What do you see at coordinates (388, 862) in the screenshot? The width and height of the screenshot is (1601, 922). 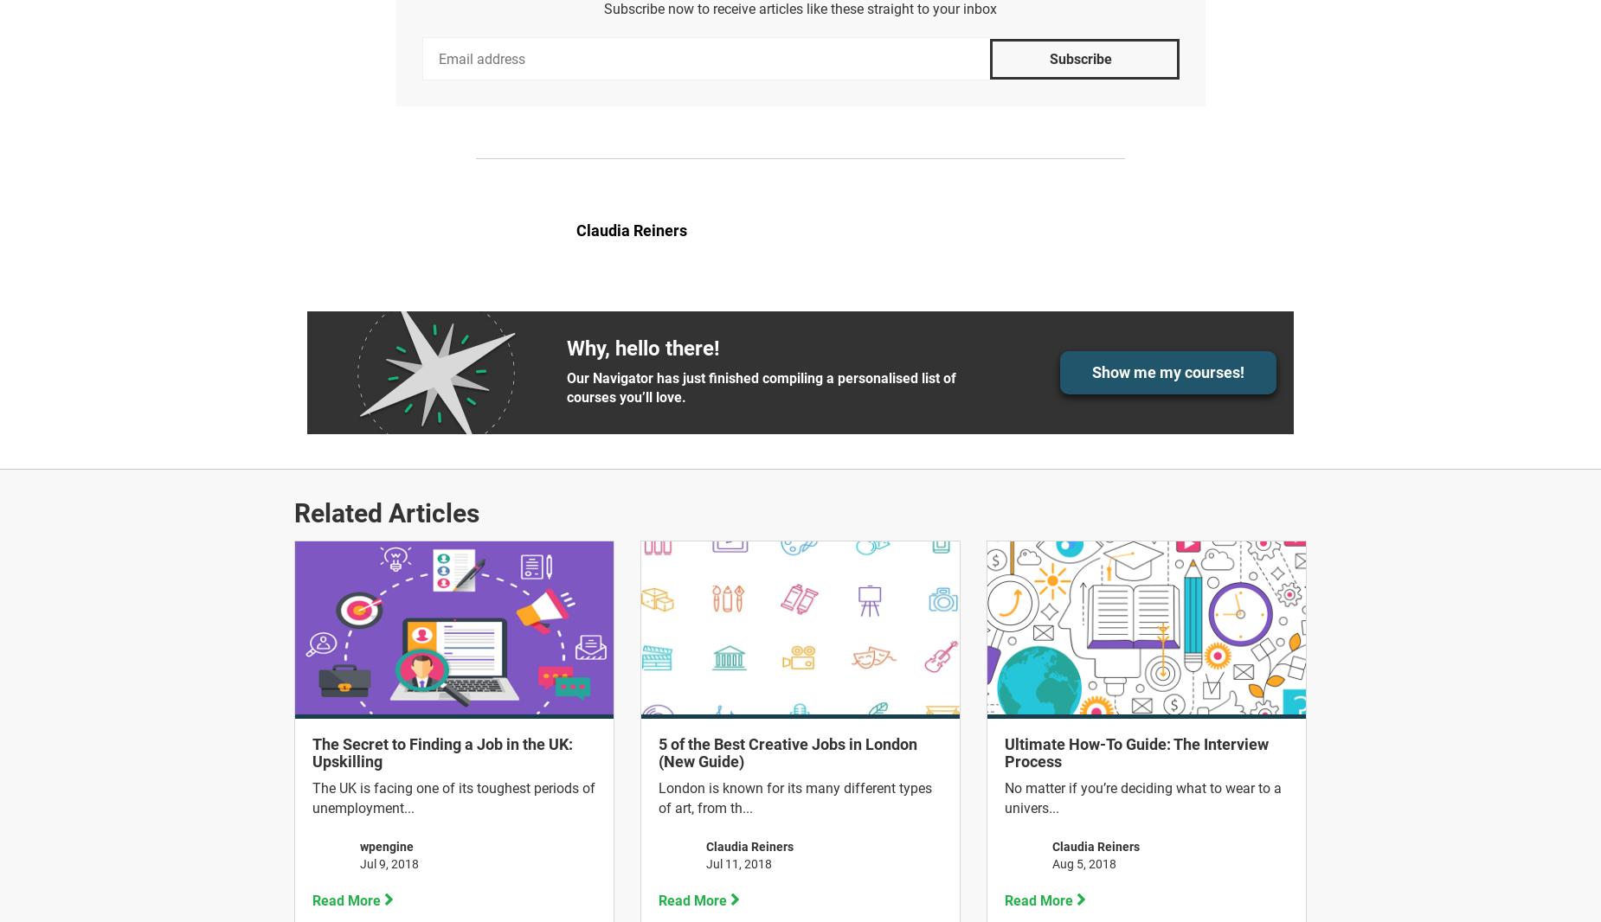 I see `'Jul 9, 2018'` at bounding box center [388, 862].